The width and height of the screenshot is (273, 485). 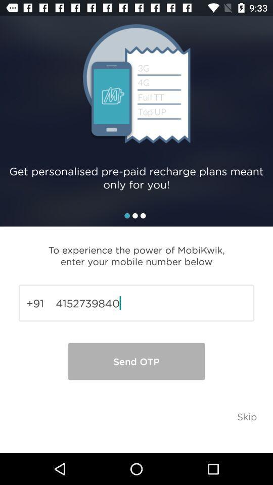 I want to click on the skip at the bottom right corner, so click(x=246, y=416).